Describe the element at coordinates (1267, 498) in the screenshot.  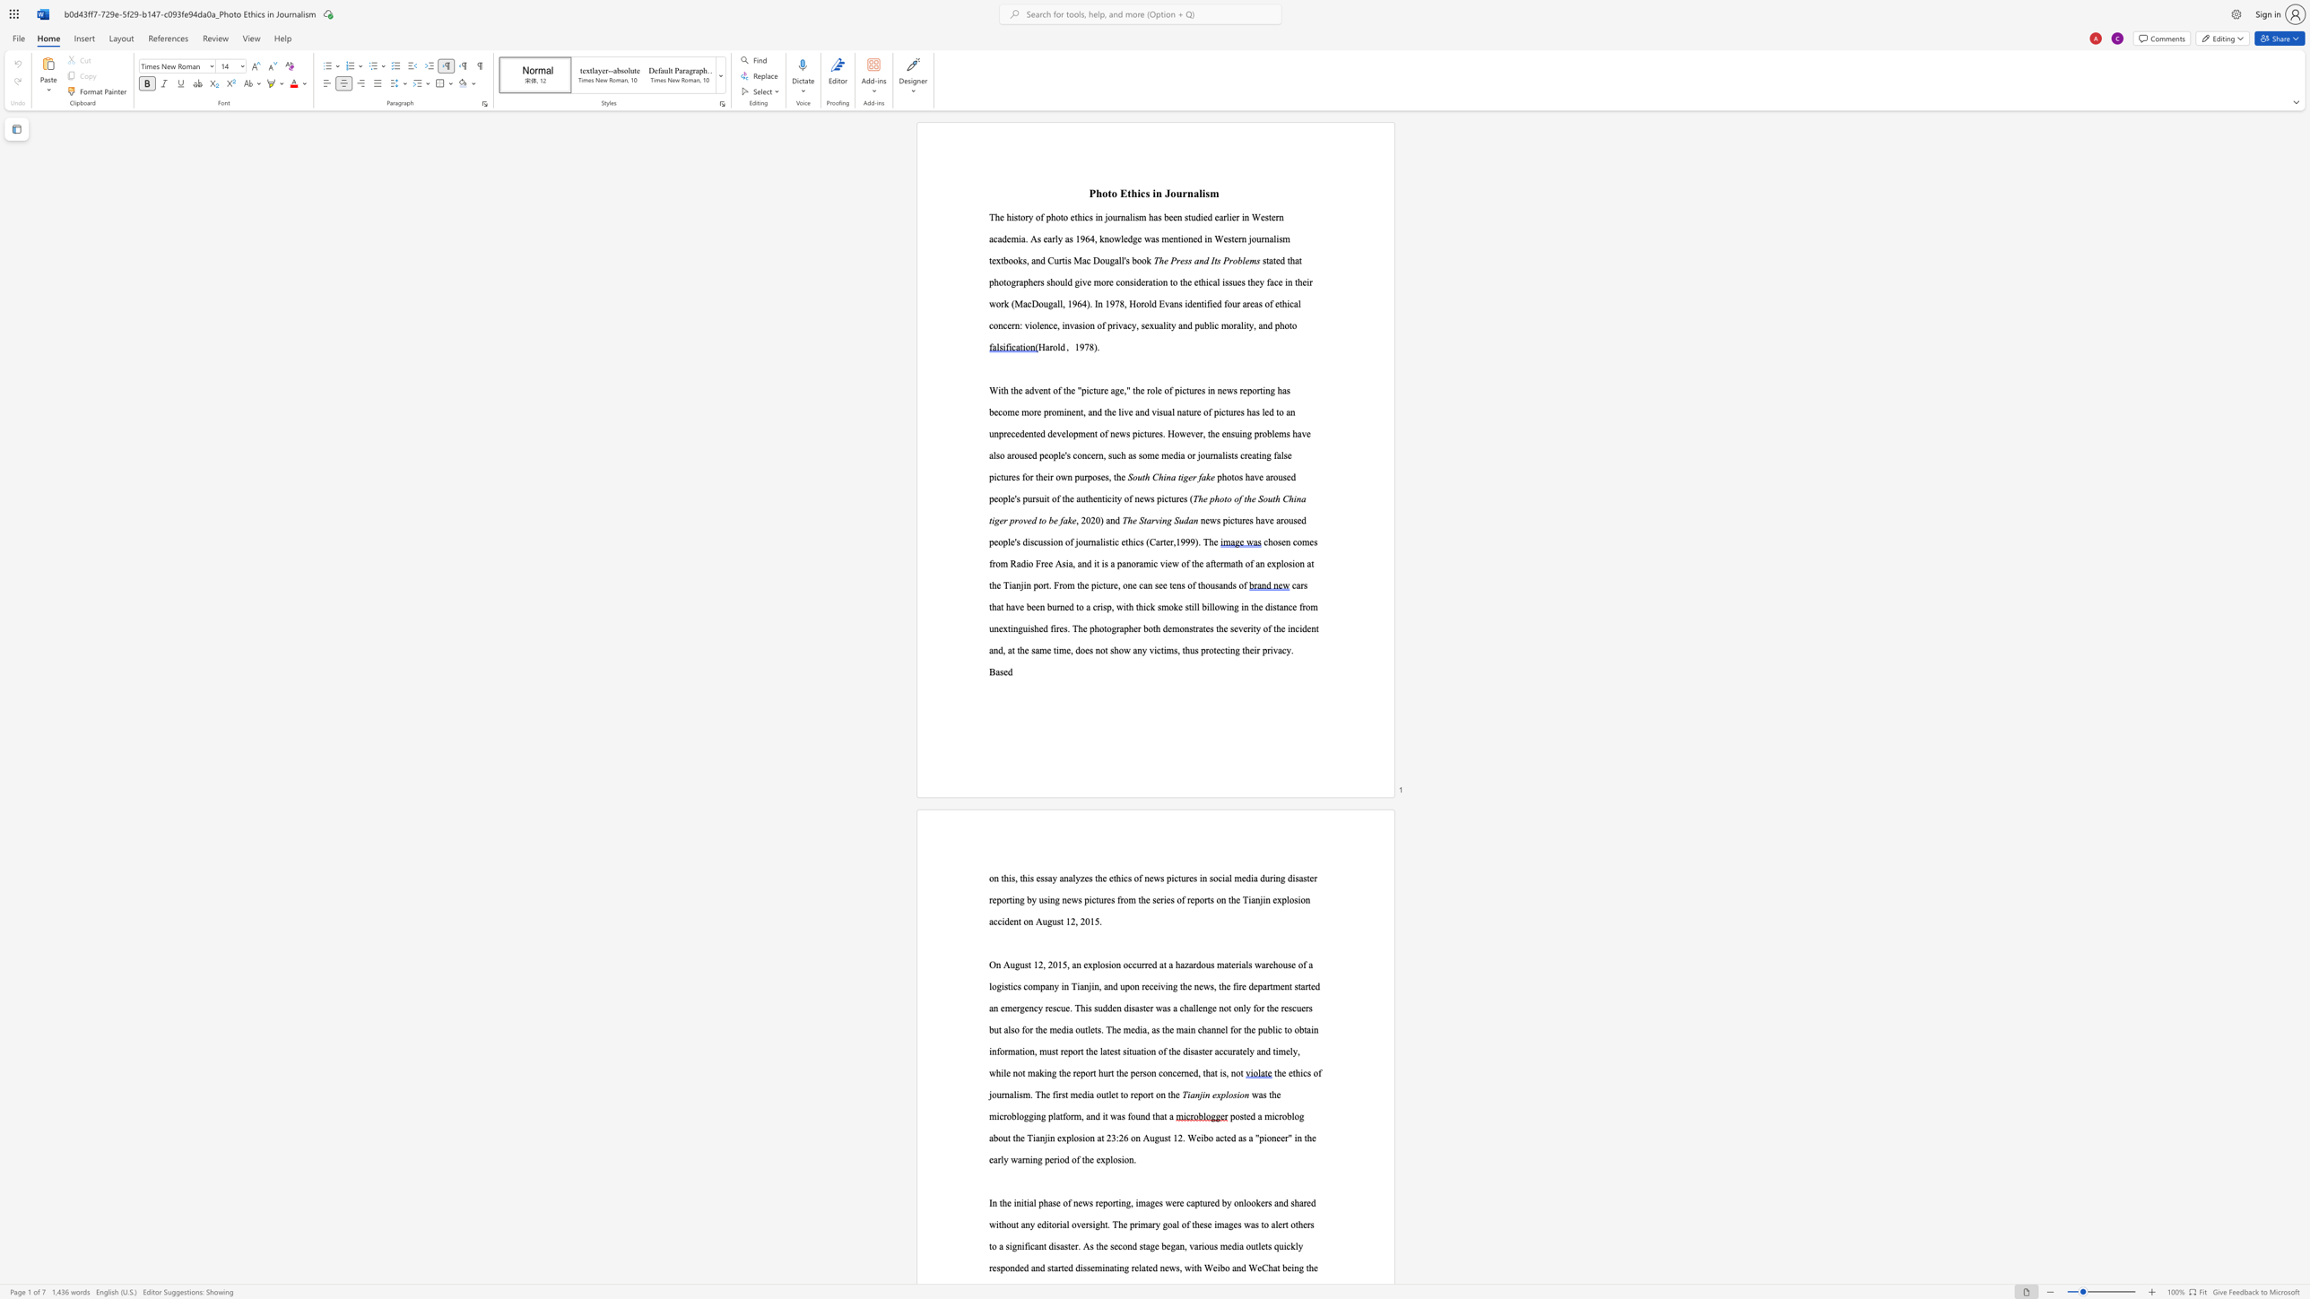
I see `the subset text "uth Chin" within the text "The photo of the South China tiger proved to be fake"` at that location.